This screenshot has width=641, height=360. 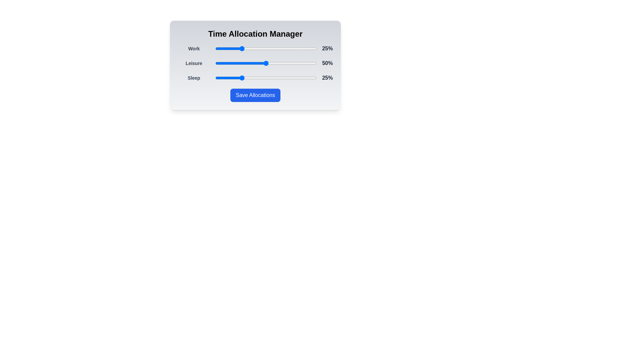 What do you see at coordinates (255, 95) in the screenshot?
I see `'Save Allocations' button to save the current allocation` at bounding box center [255, 95].